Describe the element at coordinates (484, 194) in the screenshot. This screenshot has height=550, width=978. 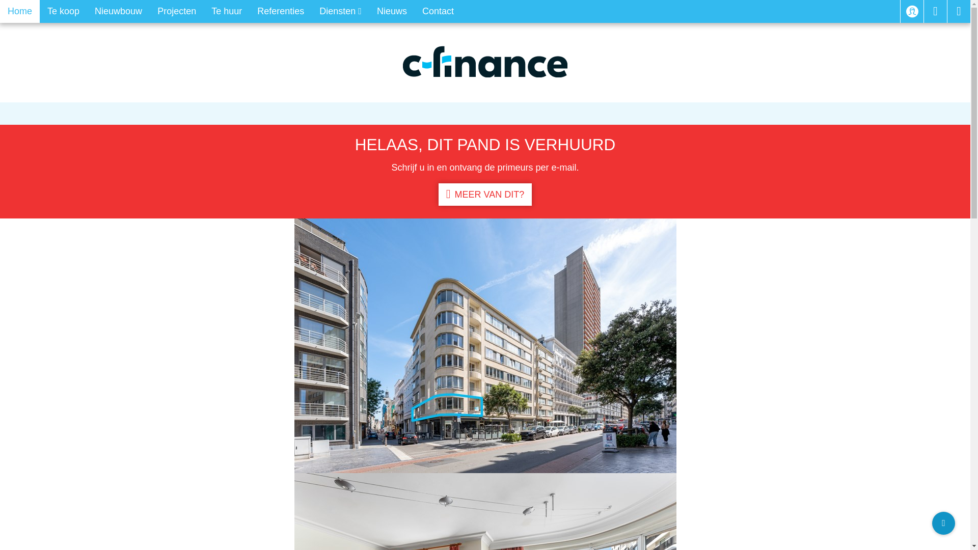
I see `'MEER VAN DIT?'` at that location.